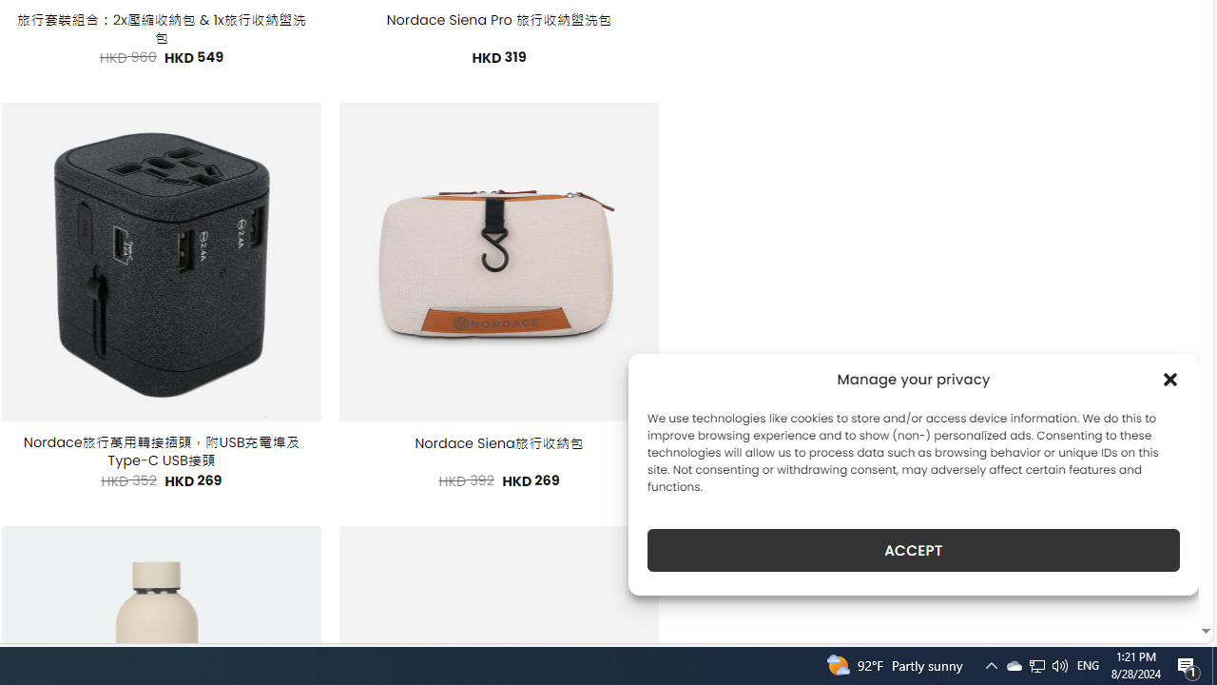  What do you see at coordinates (1169, 379) in the screenshot?
I see `'Class: cmplz-close'` at bounding box center [1169, 379].